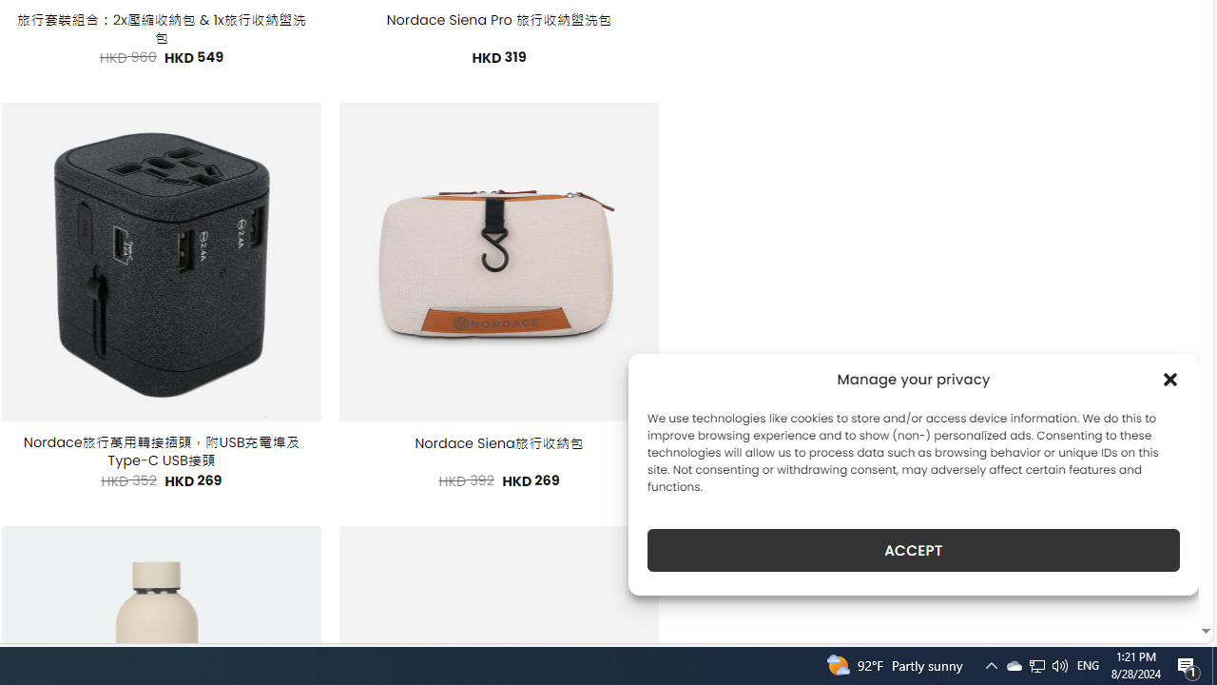  What do you see at coordinates (1169, 379) in the screenshot?
I see `'Class: cmplz-close'` at bounding box center [1169, 379].